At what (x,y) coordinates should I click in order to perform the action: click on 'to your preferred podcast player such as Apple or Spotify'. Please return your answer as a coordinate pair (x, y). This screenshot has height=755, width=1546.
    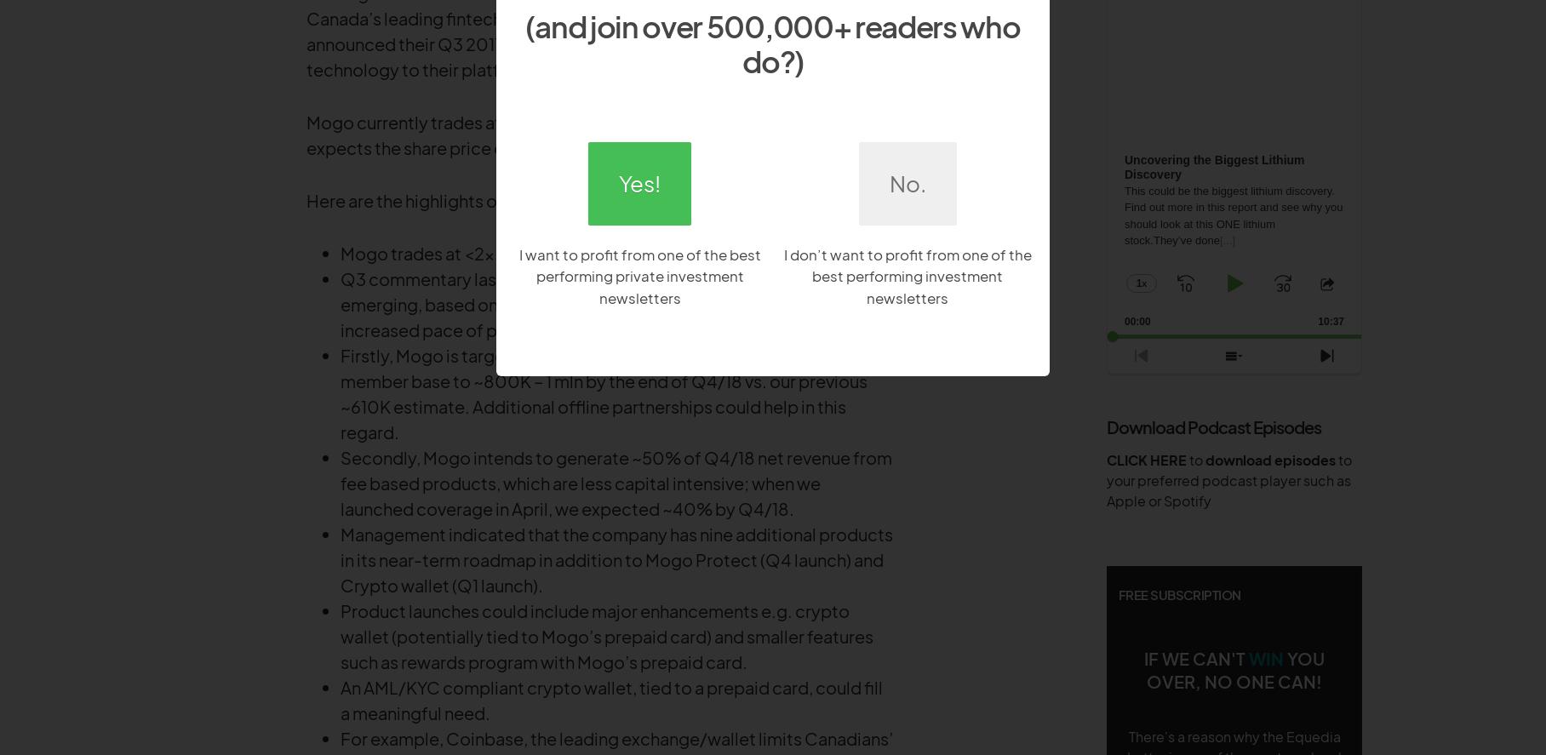
    Looking at the image, I should click on (1229, 478).